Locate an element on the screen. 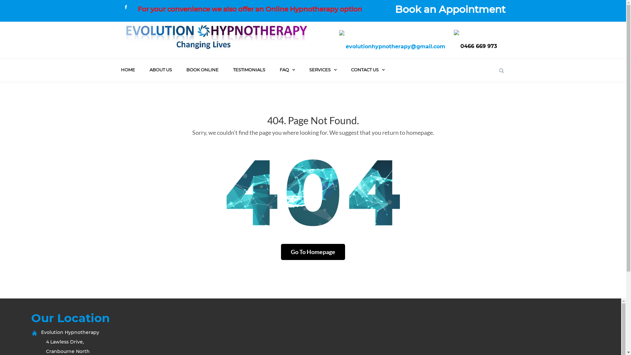 The height and width of the screenshot is (355, 631). 'SERVICES' is located at coordinates (322, 70).